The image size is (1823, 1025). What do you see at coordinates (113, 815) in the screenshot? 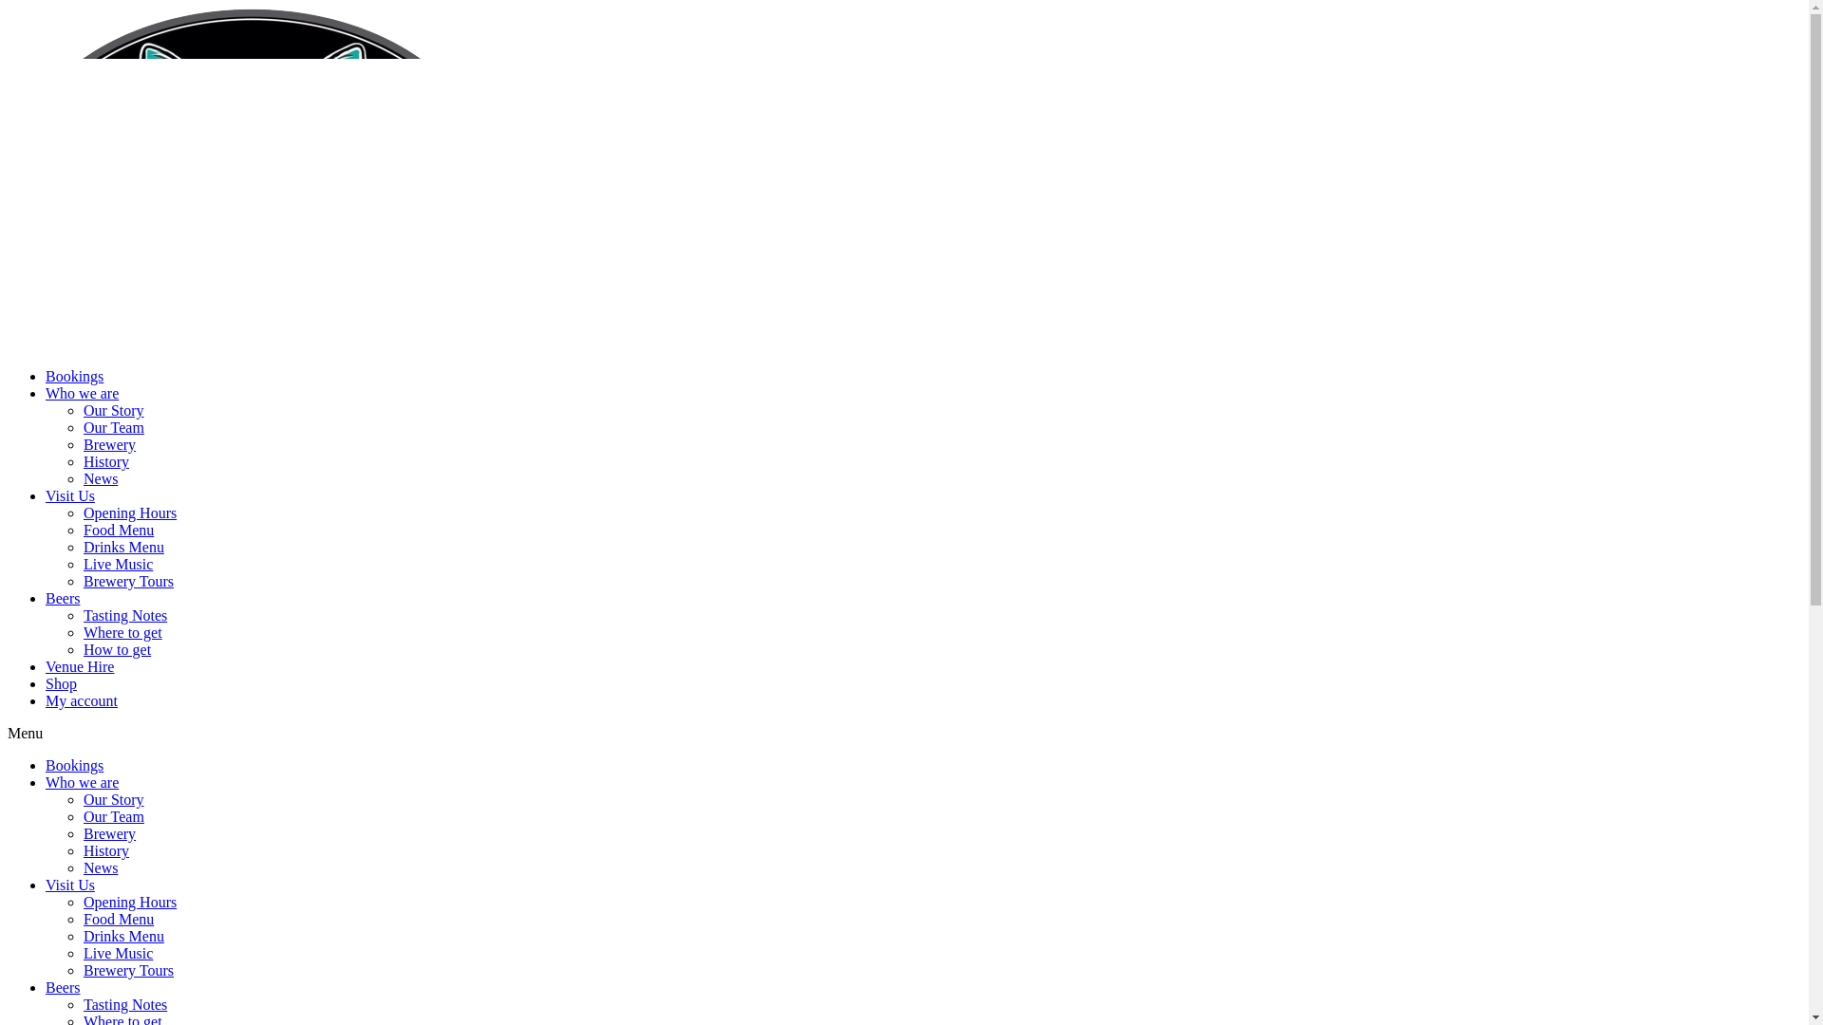
I see `'Our Team'` at bounding box center [113, 815].